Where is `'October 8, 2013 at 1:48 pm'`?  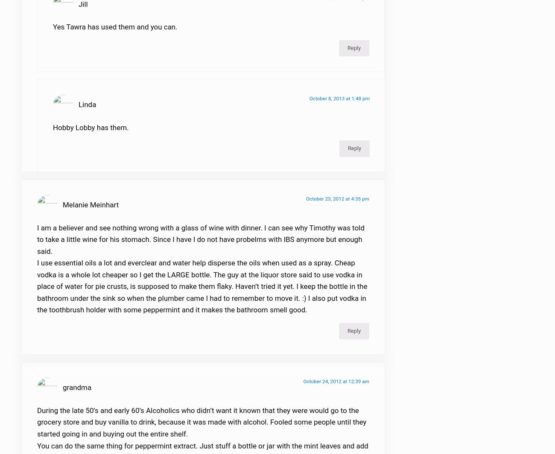
'October 8, 2013 at 1:48 pm' is located at coordinates (339, 104).